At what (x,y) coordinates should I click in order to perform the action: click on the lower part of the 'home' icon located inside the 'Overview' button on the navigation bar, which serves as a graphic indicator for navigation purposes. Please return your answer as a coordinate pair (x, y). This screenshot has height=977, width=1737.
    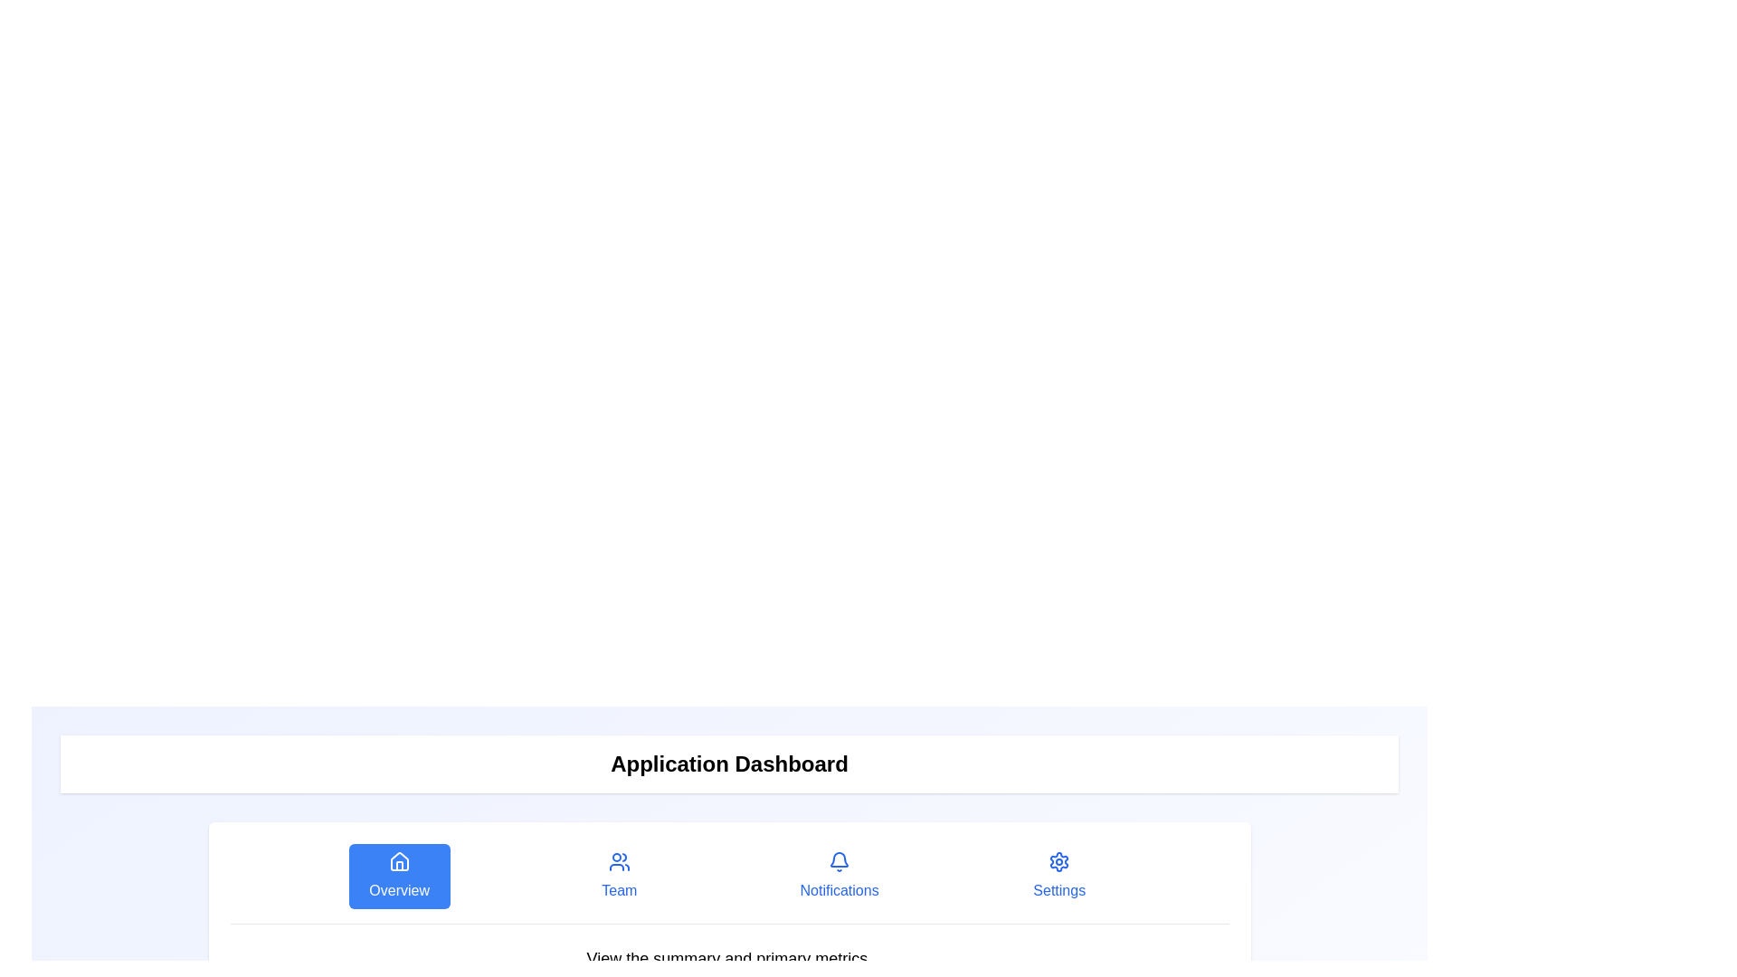
    Looking at the image, I should click on (398, 860).